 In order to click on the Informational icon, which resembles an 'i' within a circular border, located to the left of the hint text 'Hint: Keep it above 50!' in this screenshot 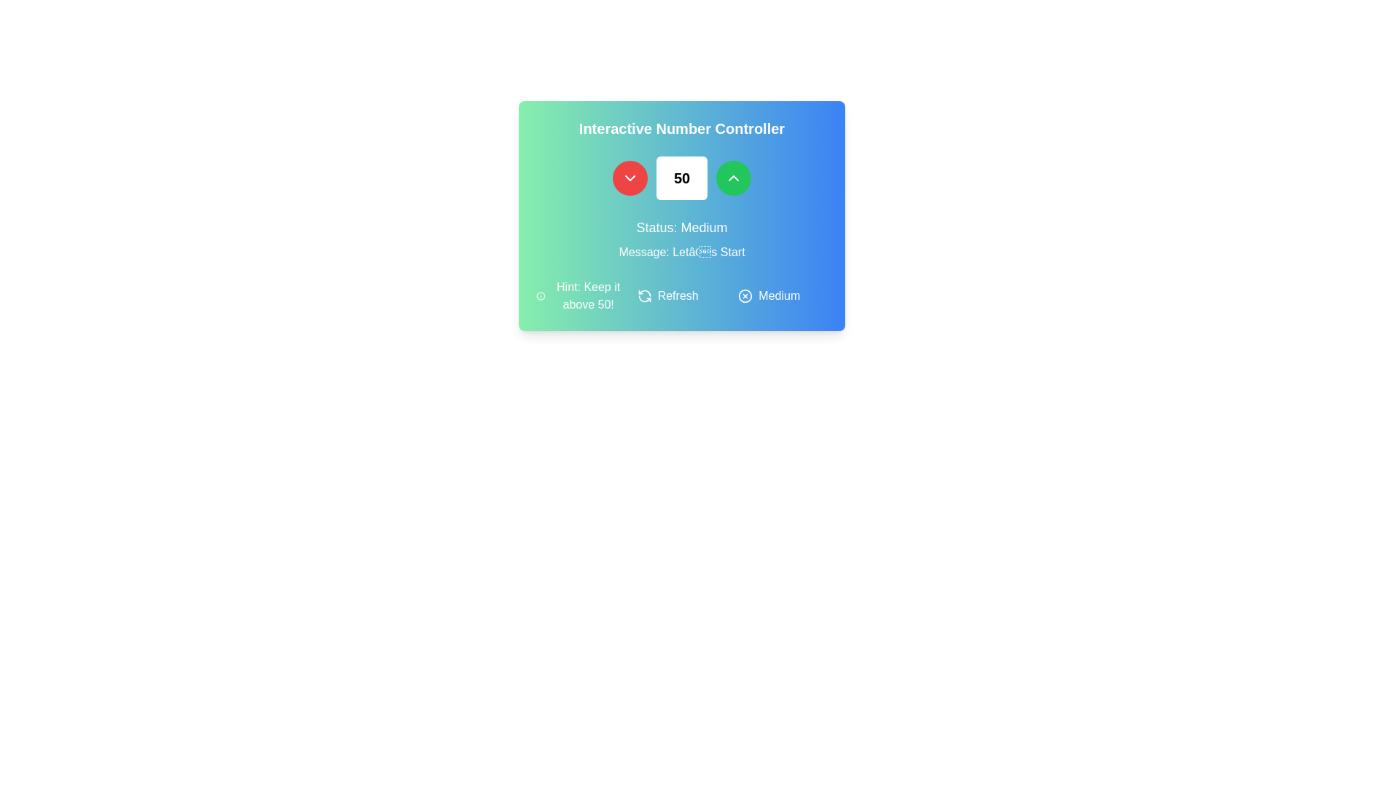, I will do `click(540, 295)`.